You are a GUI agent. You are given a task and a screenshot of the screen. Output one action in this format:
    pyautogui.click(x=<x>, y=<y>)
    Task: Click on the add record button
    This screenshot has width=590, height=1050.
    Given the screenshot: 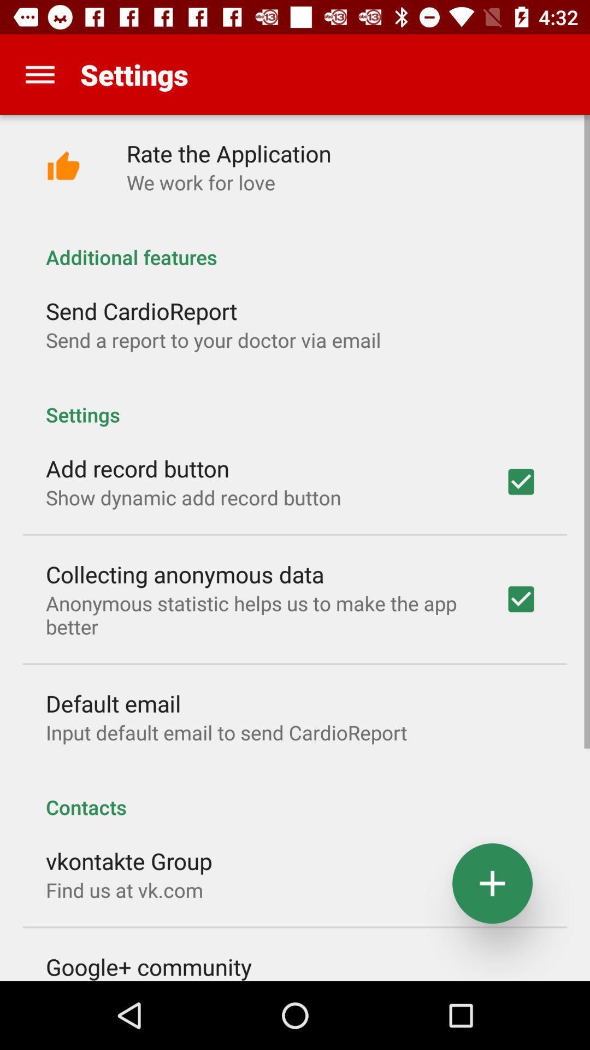 What is the action you would take?
    pyautogui.click(x=520, y=481)
    